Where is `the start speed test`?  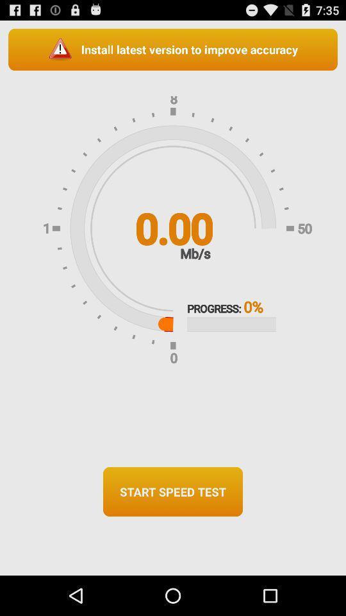
the start speed test is located at coordinates (173, 491).